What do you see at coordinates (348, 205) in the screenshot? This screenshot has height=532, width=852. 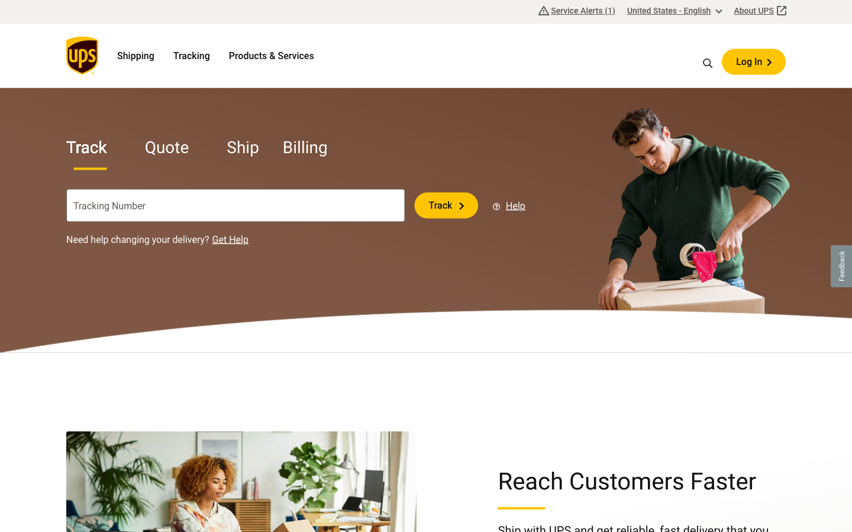 I see `In the tracking area, remove the last character of the tracking ID` at bounding box center [348, 205].